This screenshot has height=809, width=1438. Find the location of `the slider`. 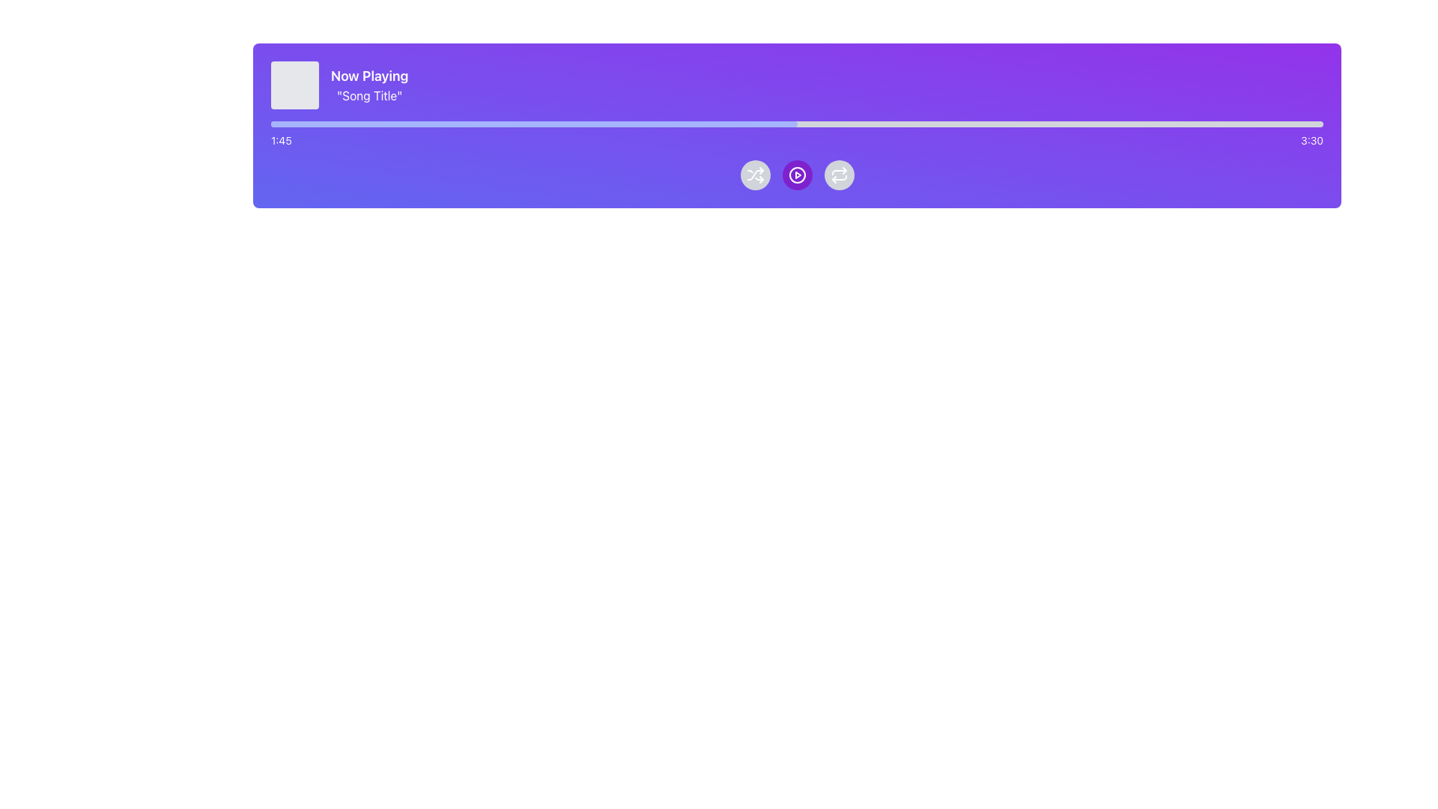

the slider is located at coordinates (1117, 123).